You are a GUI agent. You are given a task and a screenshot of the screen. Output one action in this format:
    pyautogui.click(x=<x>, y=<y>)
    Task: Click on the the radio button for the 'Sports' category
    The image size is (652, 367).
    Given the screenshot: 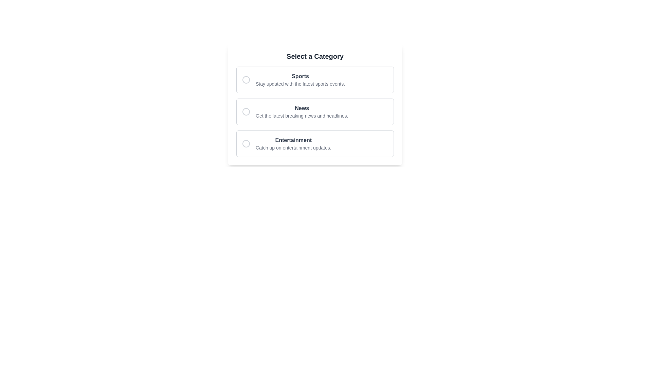 What is the action you would take?
    pyautogui.click(x=246, y=80)
    